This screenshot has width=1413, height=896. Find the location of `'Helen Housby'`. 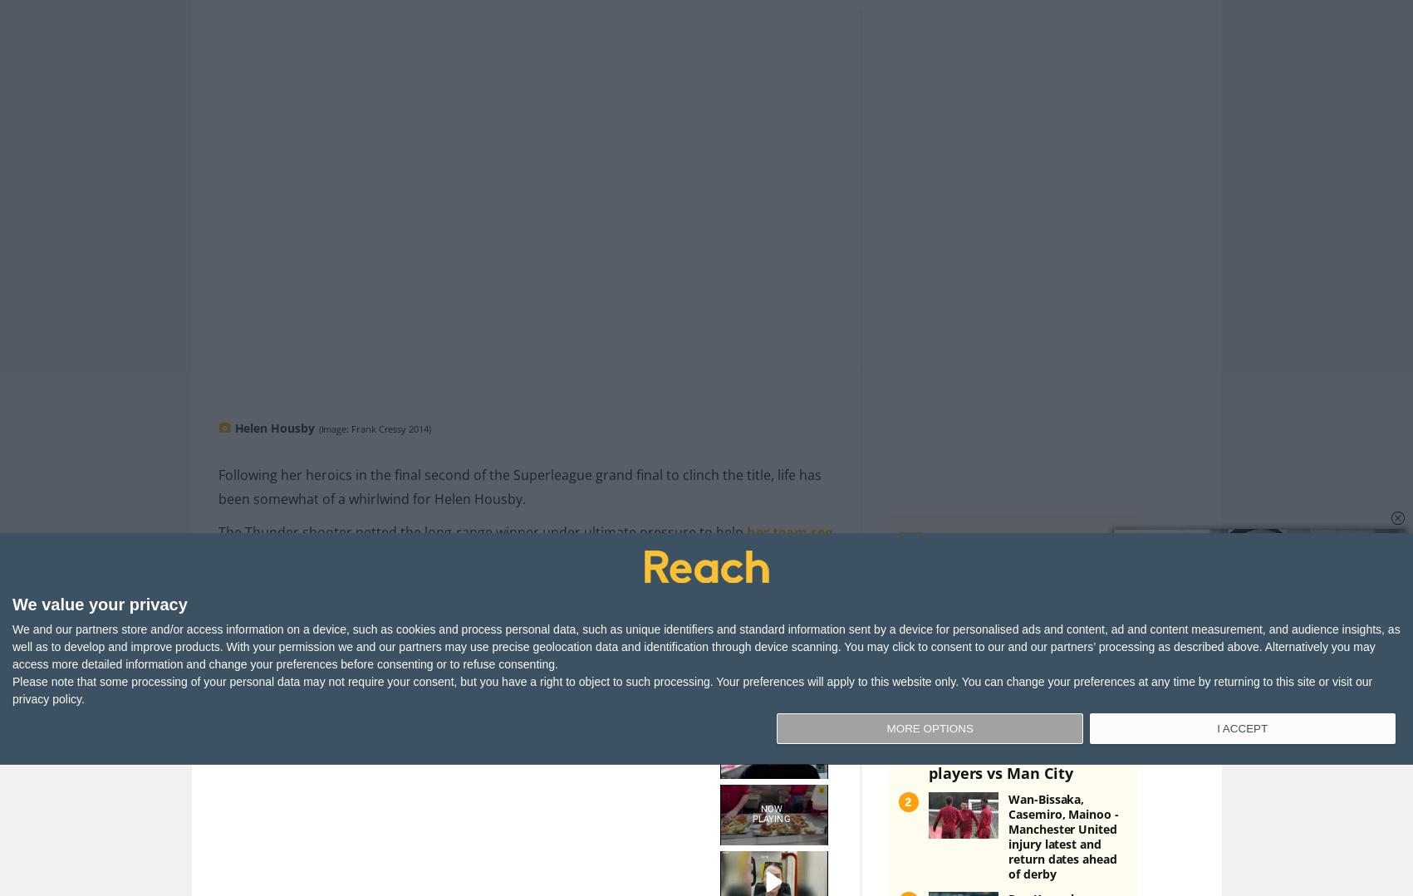

'Helen Housby' is located at coordinates (273, 399).